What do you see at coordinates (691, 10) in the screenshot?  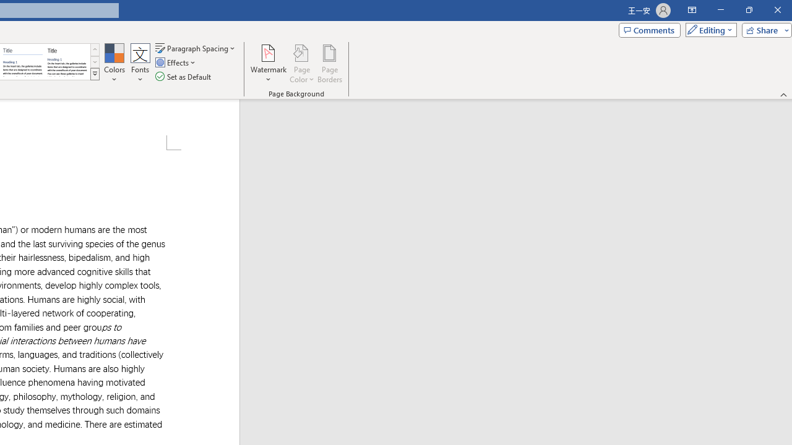 I see `'Ribbon Display Options'` at bounding box center [691, 10].